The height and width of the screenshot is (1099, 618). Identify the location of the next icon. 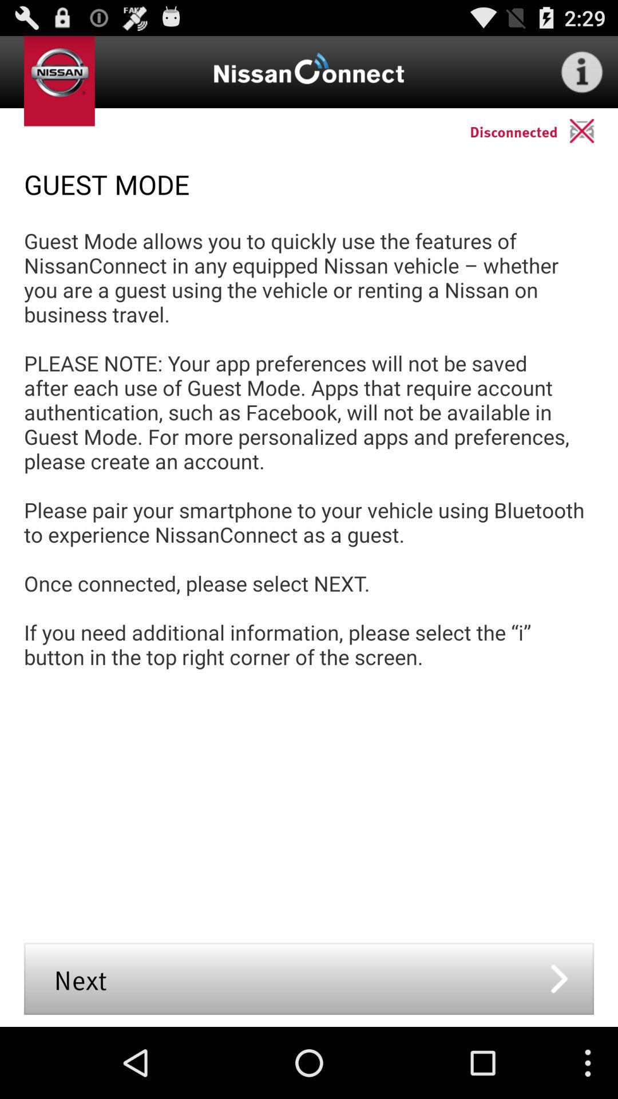
(309, 978).